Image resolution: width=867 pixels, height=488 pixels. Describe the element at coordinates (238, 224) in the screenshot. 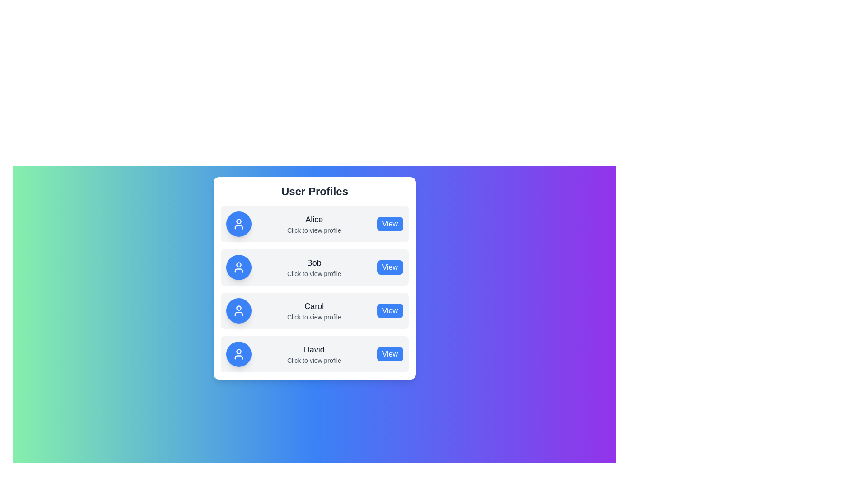

I see `the user profile icon representing 'Alice', located in the left section of the first row in the user profiles list, adjacent to the text 'Alice' and the 'View' button` at that location.